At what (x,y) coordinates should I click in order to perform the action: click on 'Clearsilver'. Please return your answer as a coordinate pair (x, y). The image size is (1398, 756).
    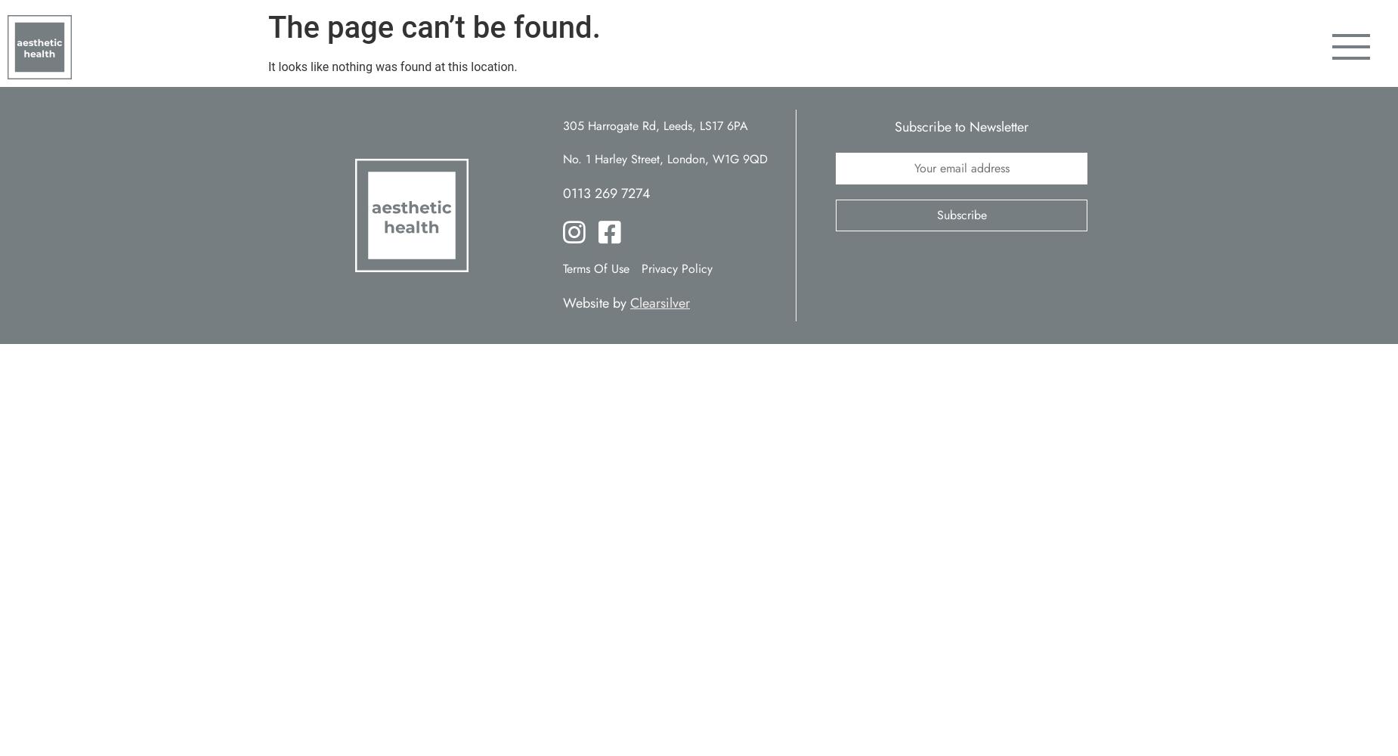
    Looking at the image, I should click on (659, 303).